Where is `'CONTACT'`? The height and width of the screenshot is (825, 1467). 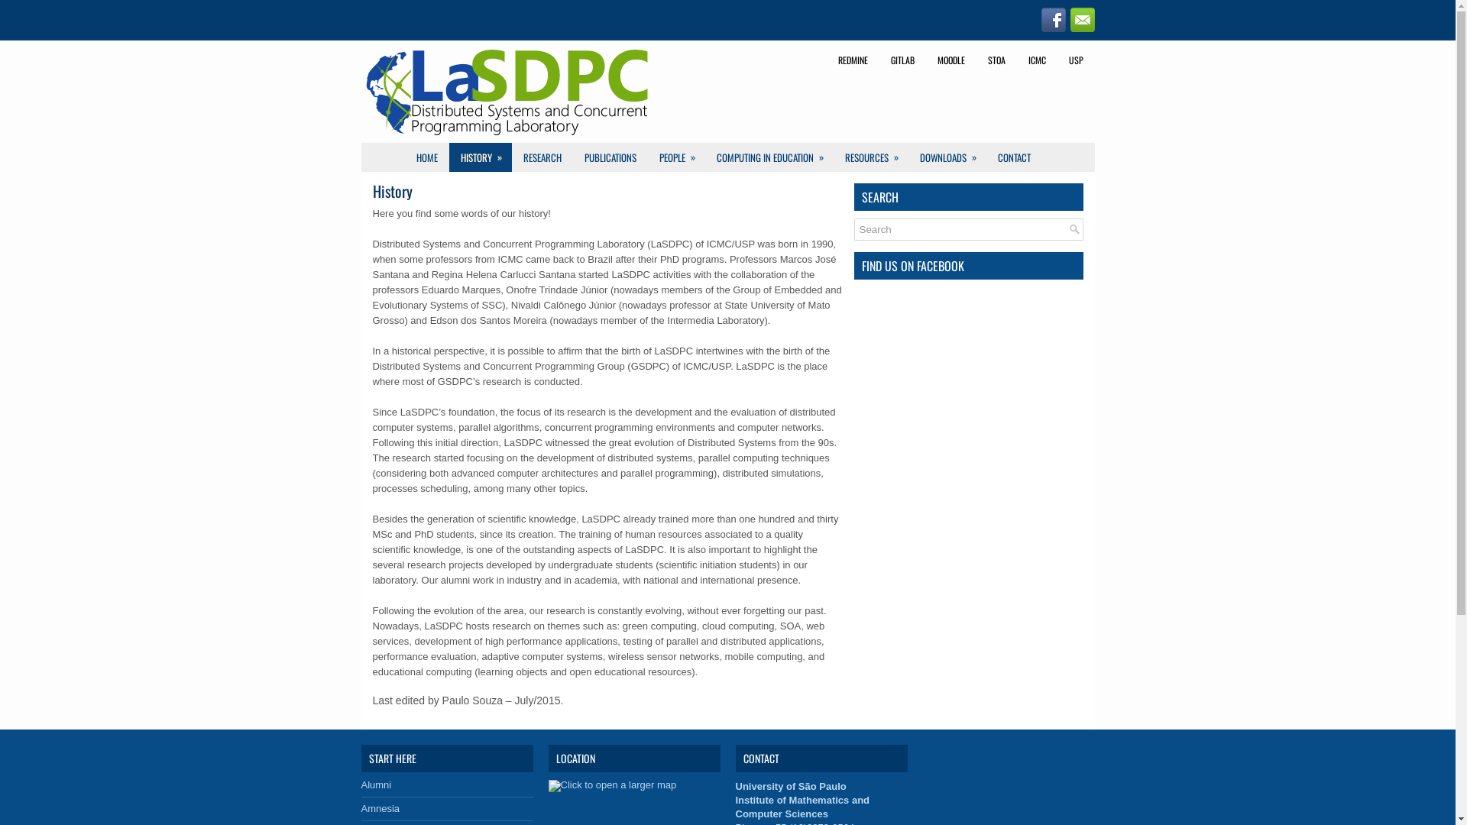
'CONTACT' is located at coordinates (1013, 157).